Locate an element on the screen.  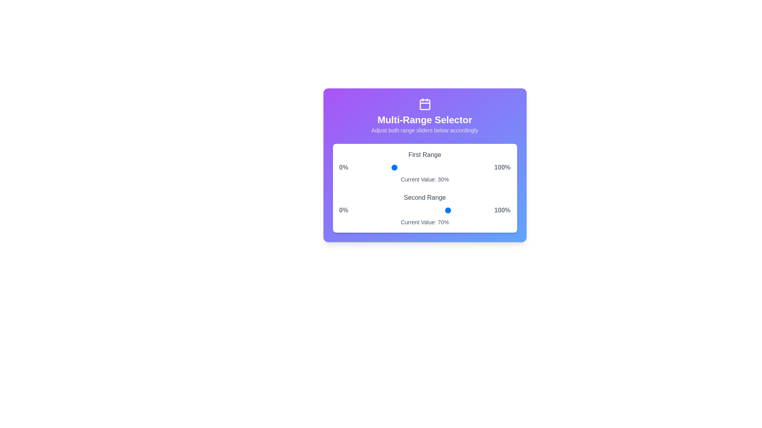
the slider value is located at coordinates (446, 167).